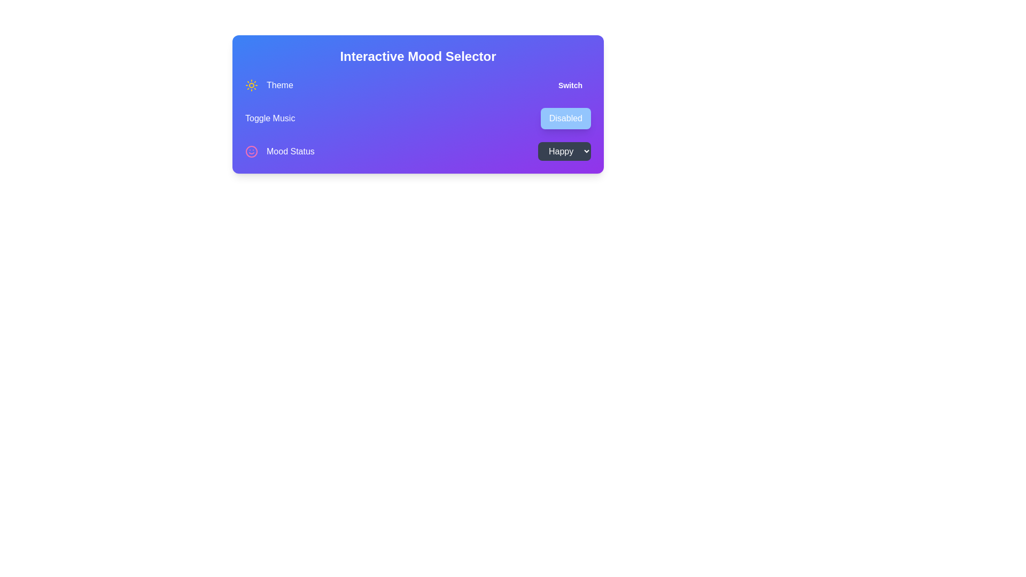 The width and height of the screenshot is (1026, 577). I want to click on the interactive toggle button for controlling the 'Disabled' state related to 'Toggle Music', located to the right of the text 'Toggle Music' below the title 'Interactive Mood Selector', so click(565, 119).